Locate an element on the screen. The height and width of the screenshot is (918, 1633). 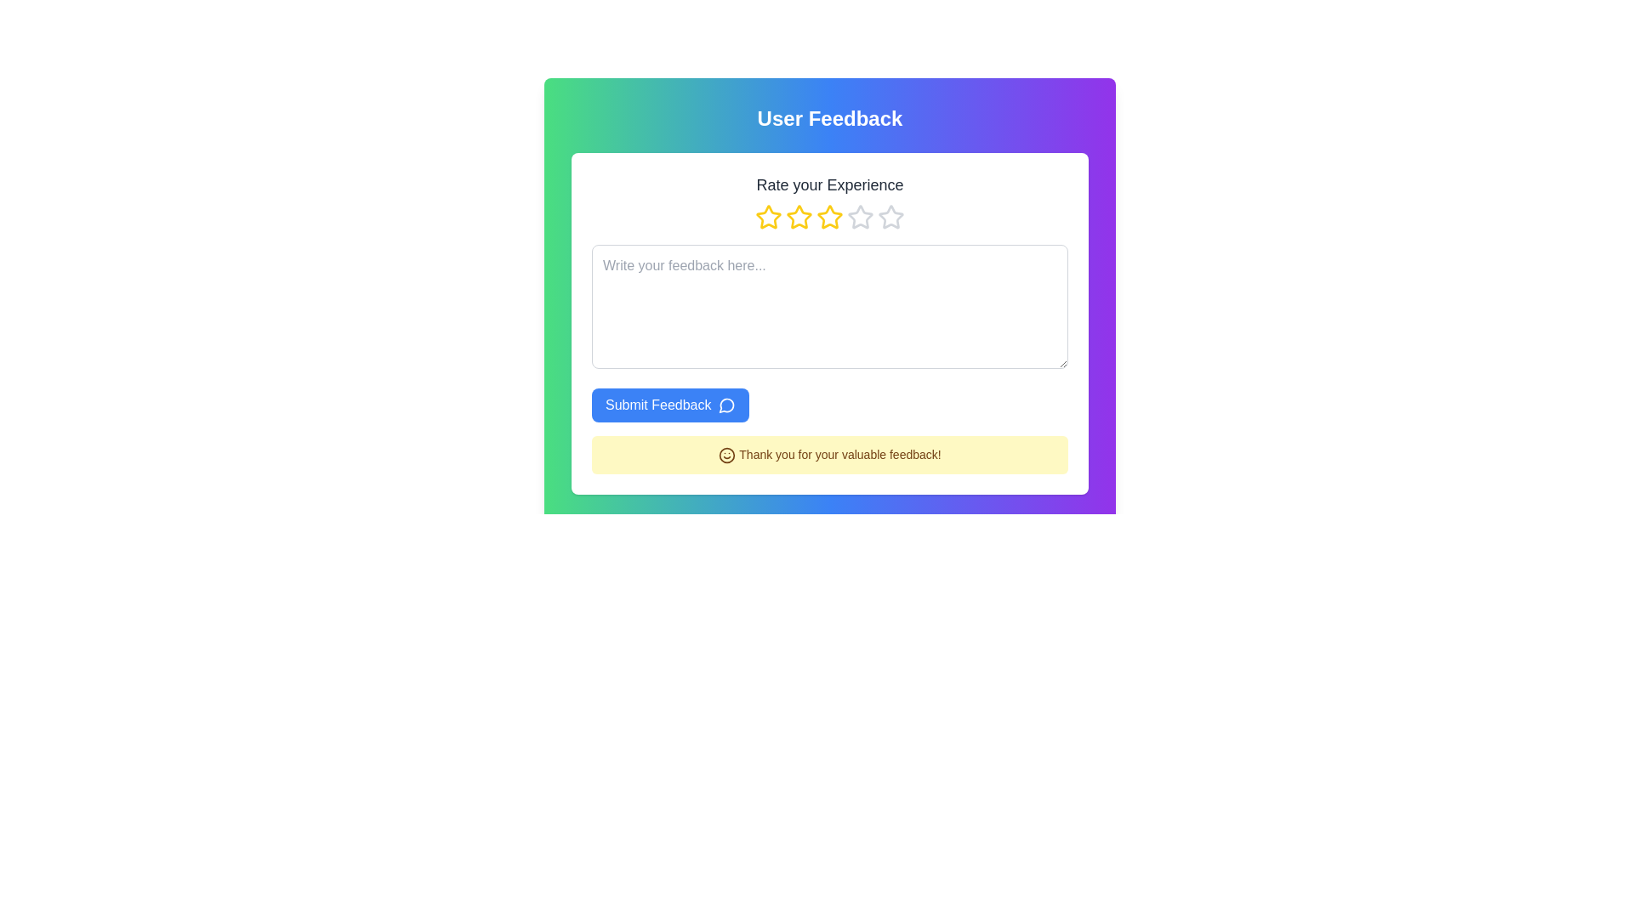
the feedback submission button located at the lower-center of the white card interface beneath the 'Rate your Experience' title is located at coordinates (669, 405).